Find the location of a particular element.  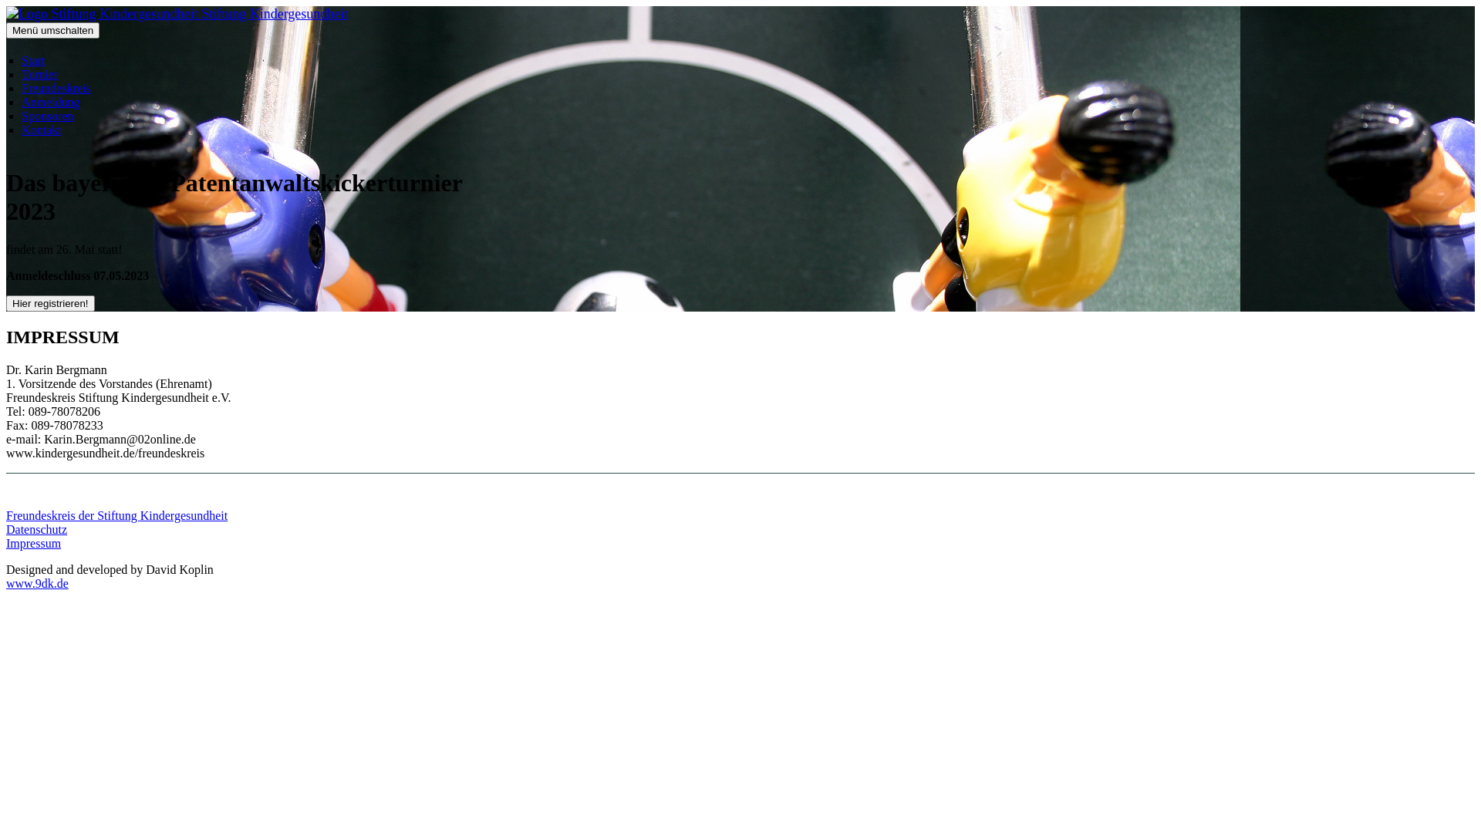

'Freundeskreis der Stiftung Kindergesundheit' is located at coordinates (6, 515).